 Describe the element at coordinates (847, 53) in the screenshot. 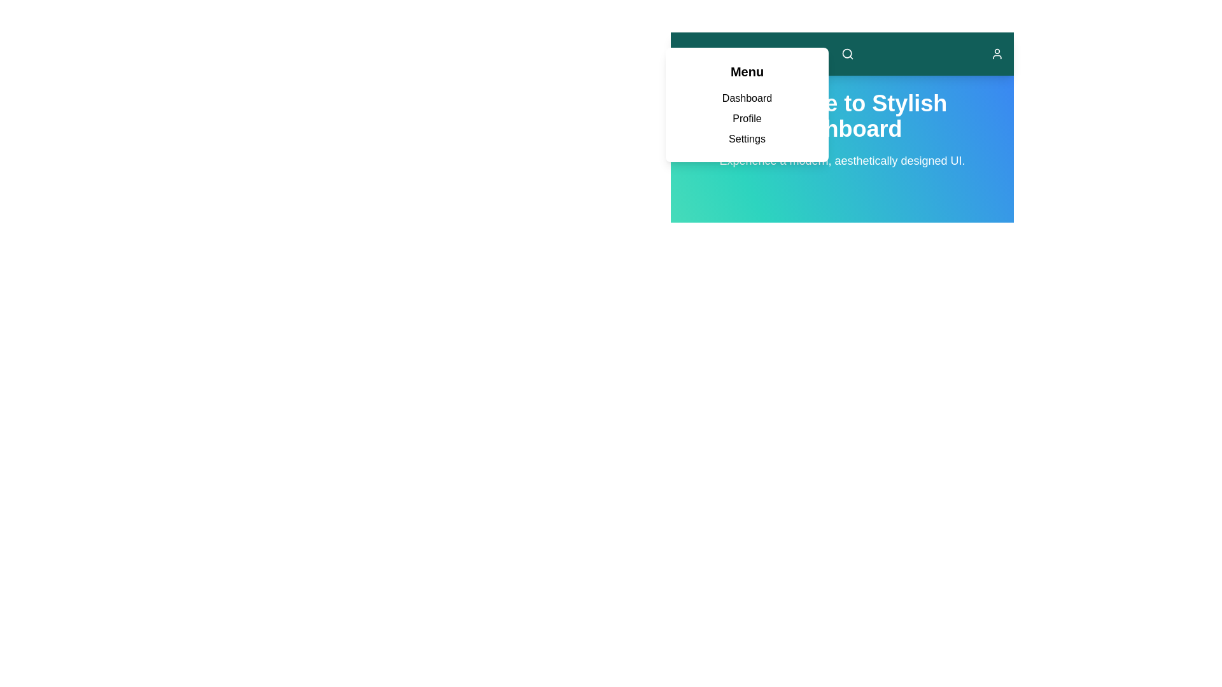

I see `the search icon to initiate the search functionality` at that location.